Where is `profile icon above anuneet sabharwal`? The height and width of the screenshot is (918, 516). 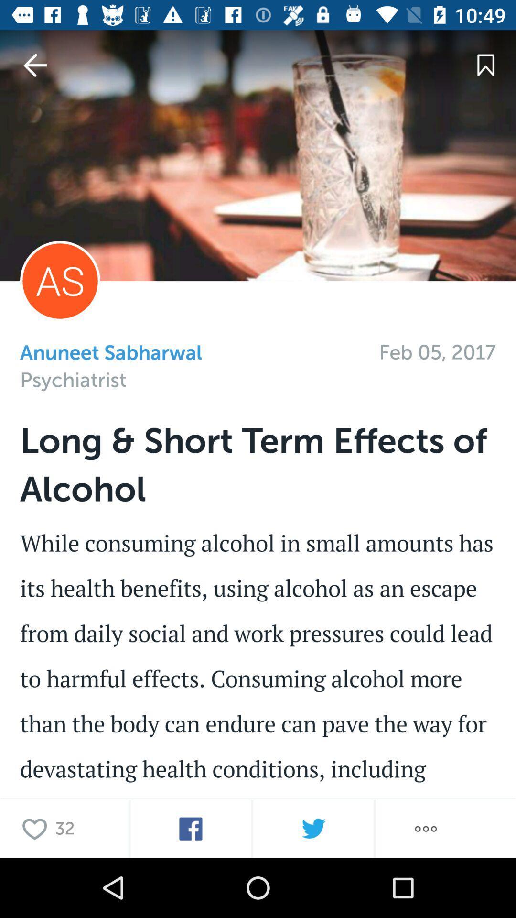
profile icon above anuneet sabharwal is located at coordinates (60, 280).